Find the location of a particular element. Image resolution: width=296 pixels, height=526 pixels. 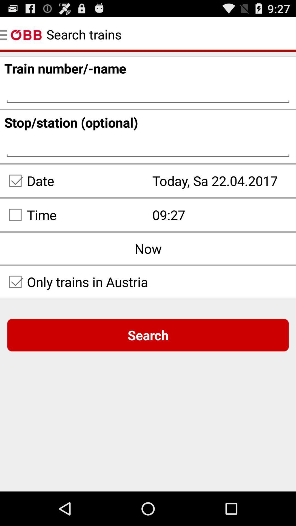

the 1st text field on the web page is located at coordinates (148, 92).